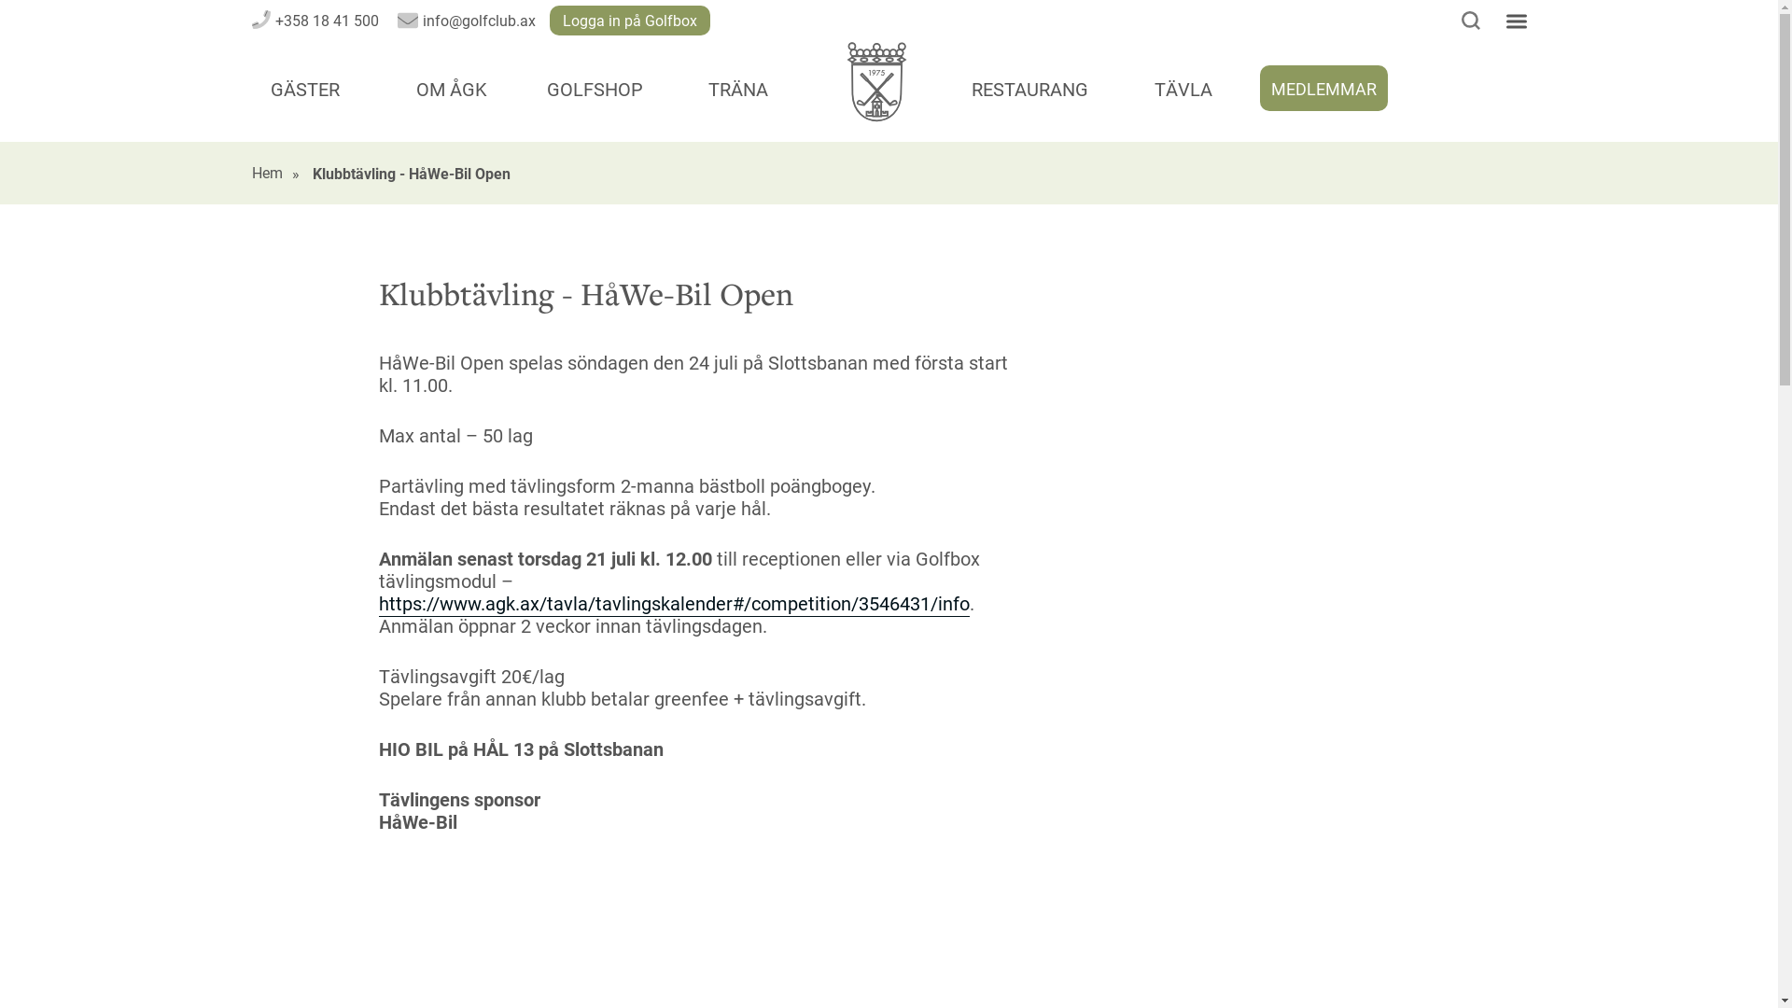 The width and height of the screenshot is (1792, 1008). I want to click on 'Hem', so click(266, 173).